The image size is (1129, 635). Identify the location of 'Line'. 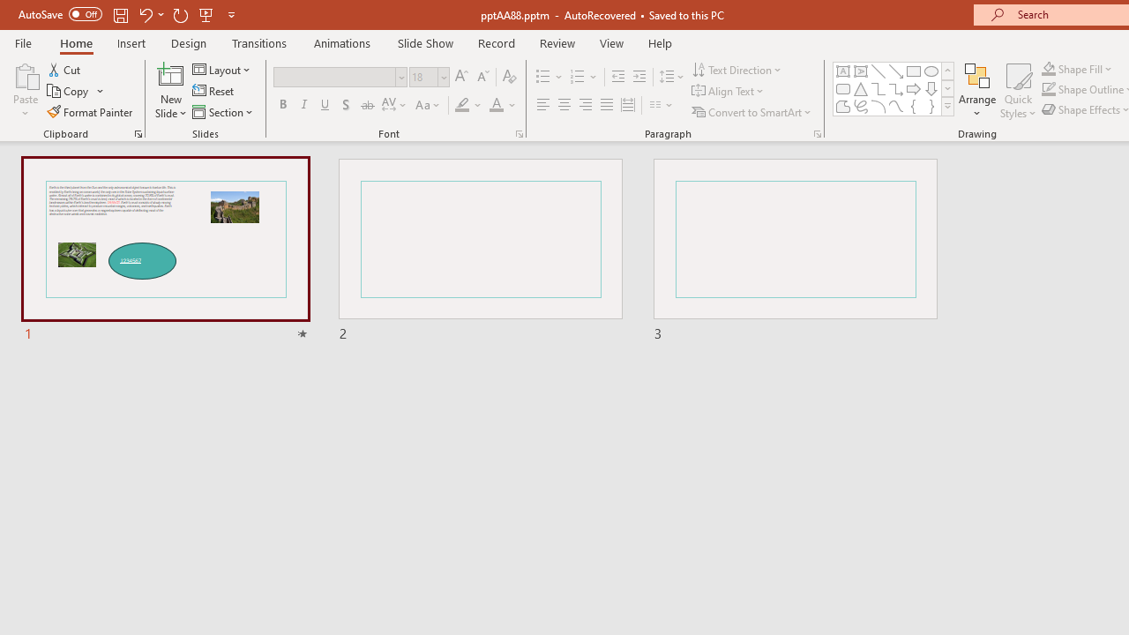
(878, 71).